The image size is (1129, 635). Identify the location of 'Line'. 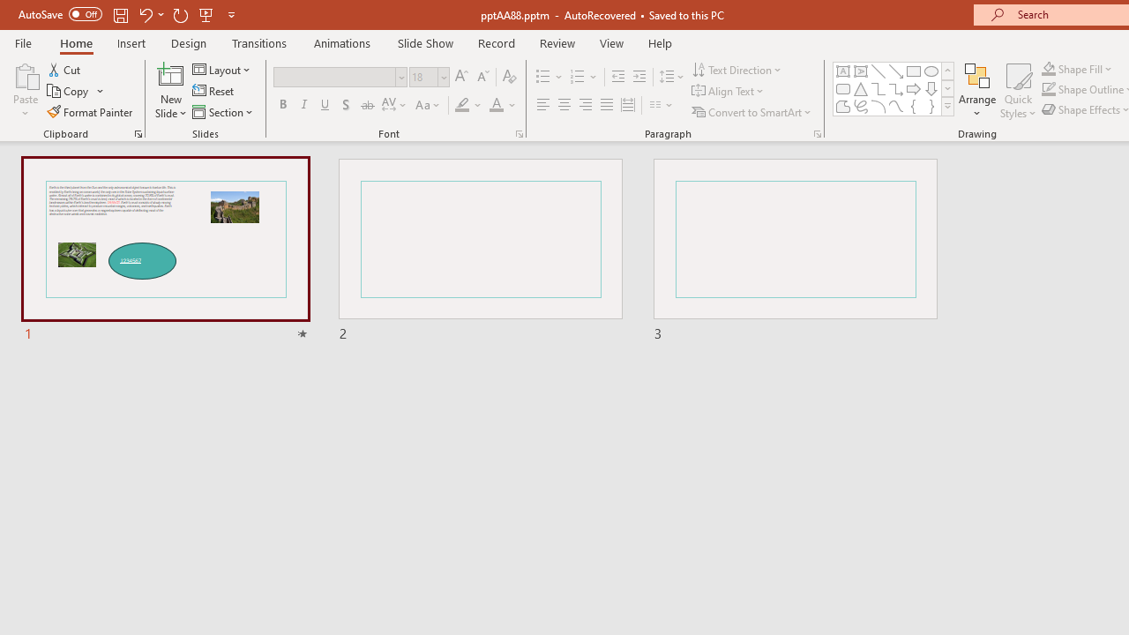
(878, 71).